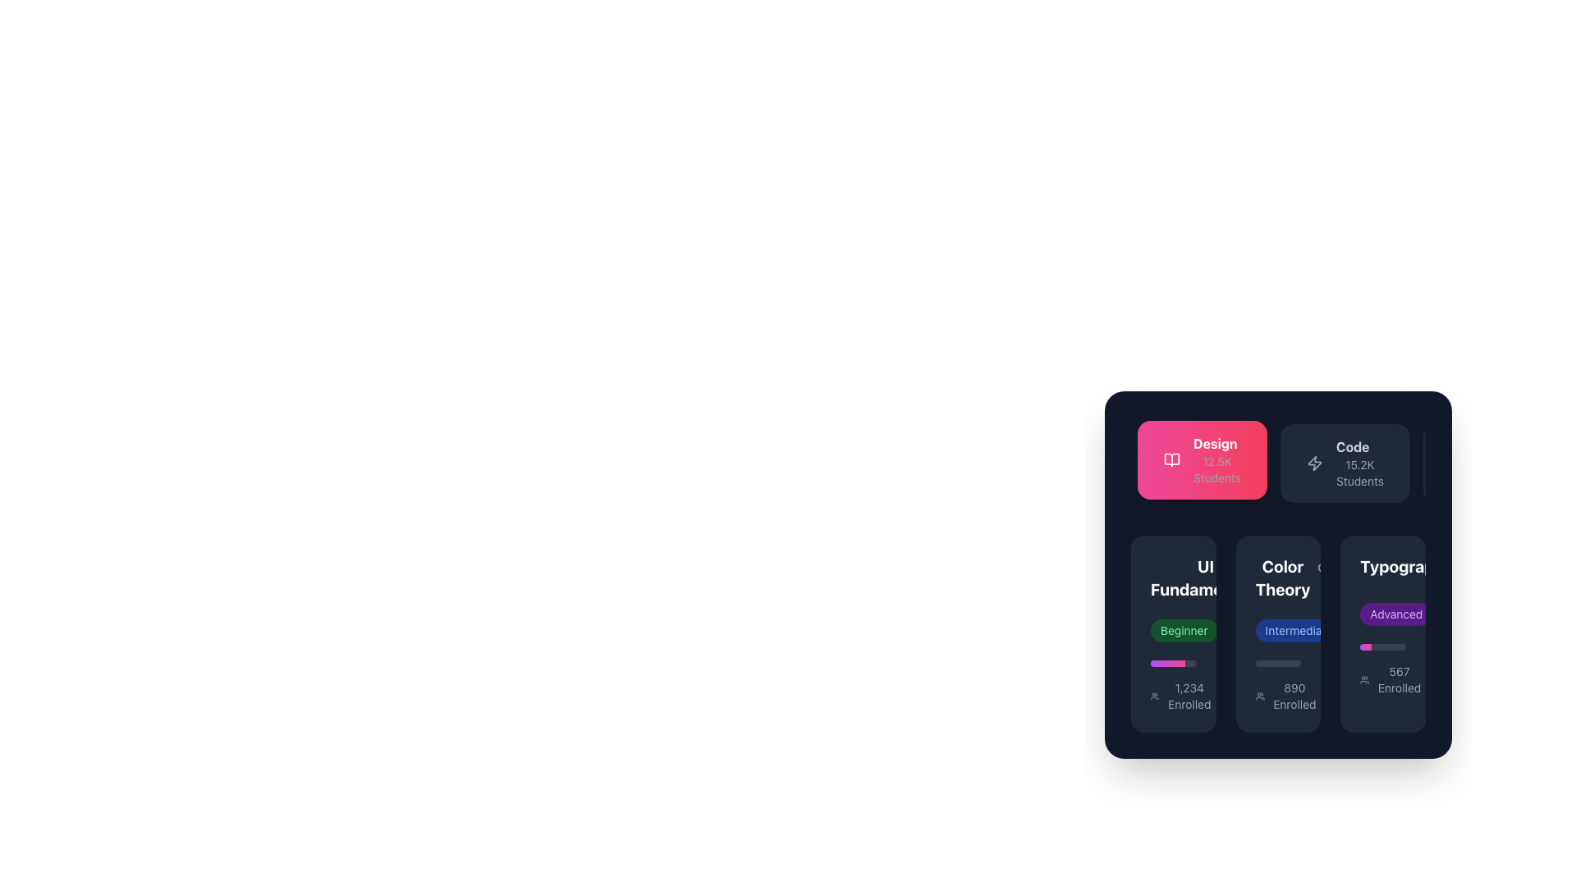 The width and height of the screenshot is (1576, 886). Describe the element at coordinates (1154, 696) in the screenshot. I see `the icon representing enrollment-related information, which is located to the left of the text '1,234 Enrolled.'` at that location.